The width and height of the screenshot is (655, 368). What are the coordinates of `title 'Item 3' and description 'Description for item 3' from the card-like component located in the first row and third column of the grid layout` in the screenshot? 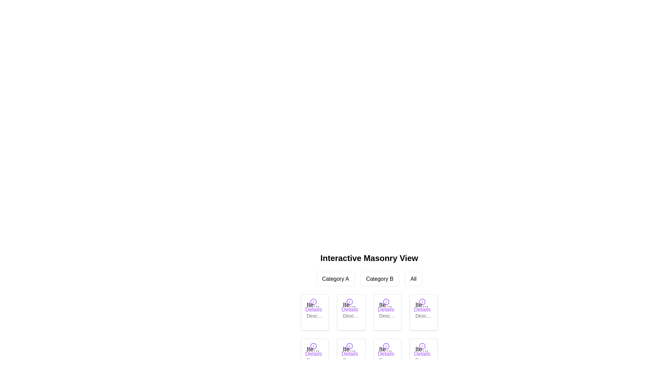 It's located at (387, 312).